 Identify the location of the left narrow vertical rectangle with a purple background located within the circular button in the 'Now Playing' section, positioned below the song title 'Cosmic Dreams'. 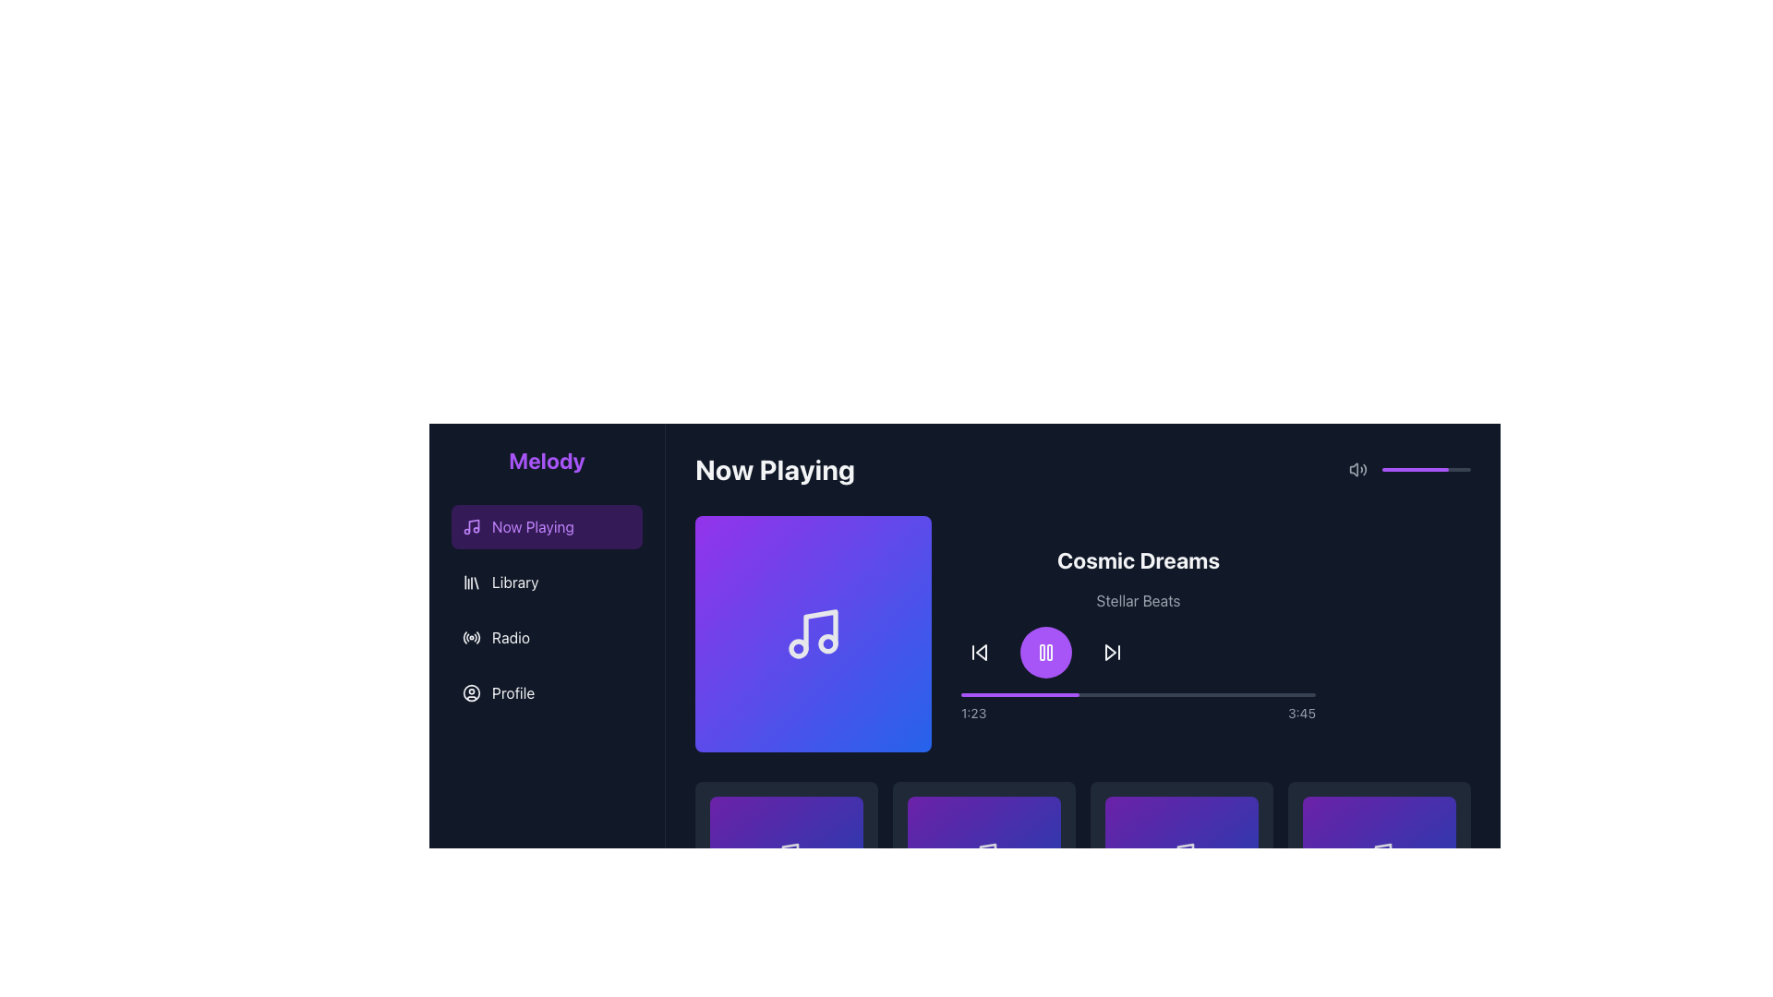
(1042, 651).